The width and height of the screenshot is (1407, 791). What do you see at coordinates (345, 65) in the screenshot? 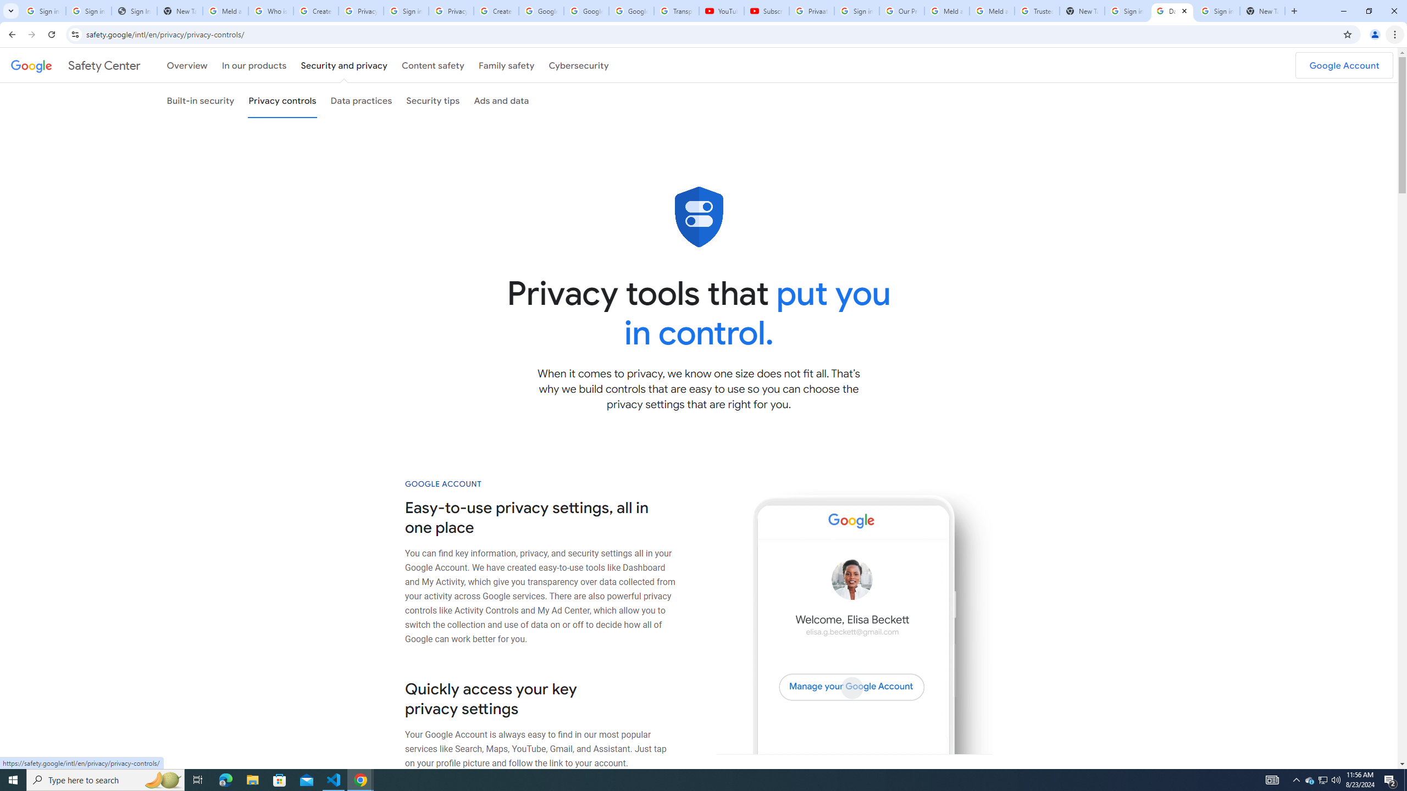
I see `'Security and privacy'` at bounding box center [345, 65].